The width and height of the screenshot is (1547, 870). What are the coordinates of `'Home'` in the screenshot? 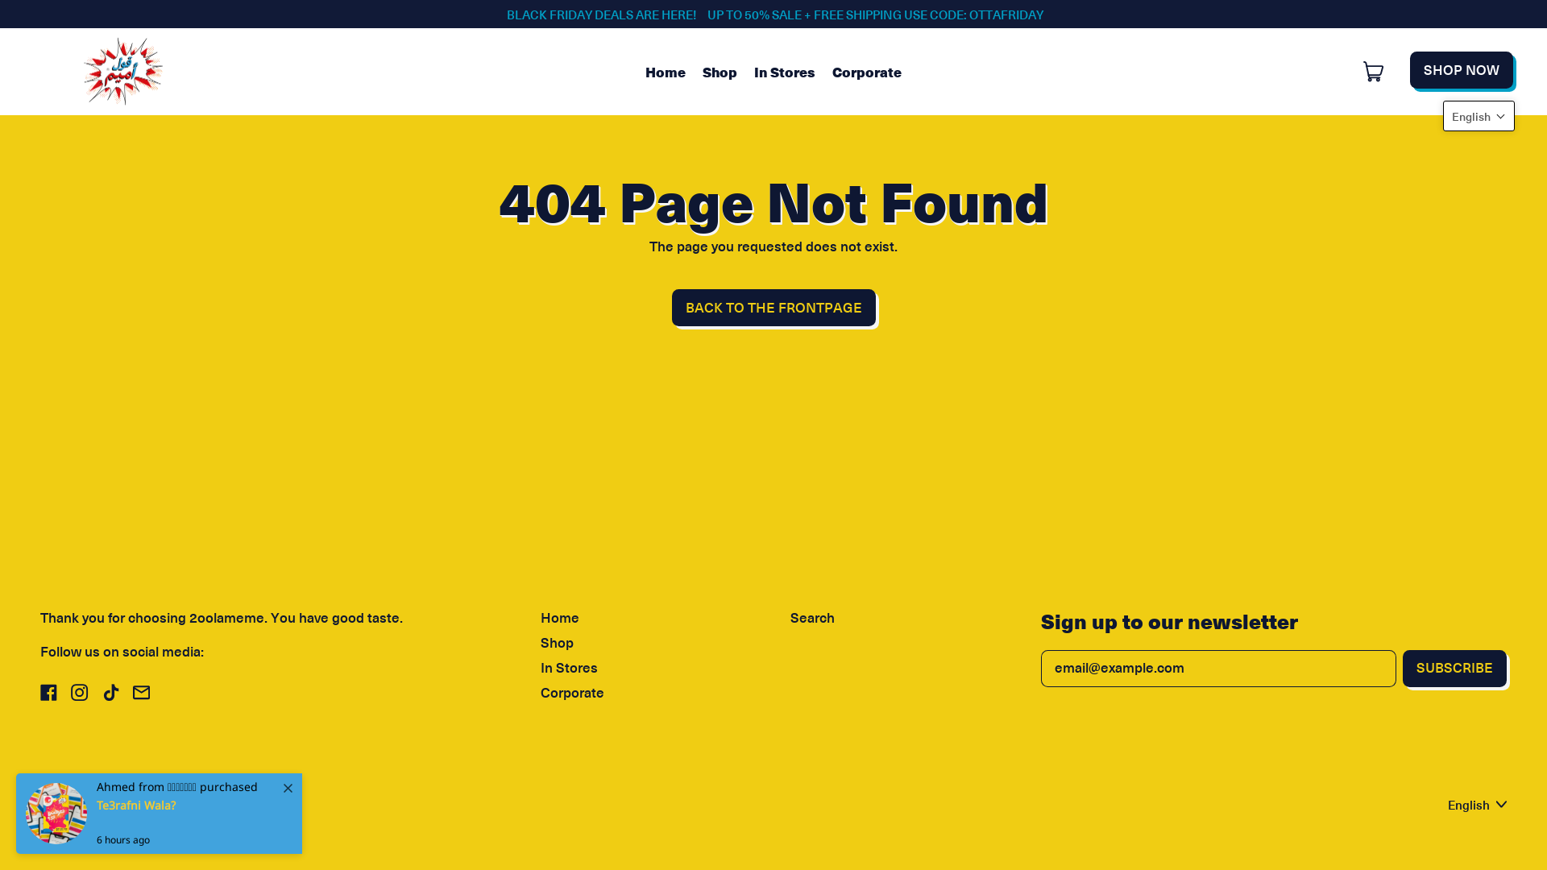 It's located at (560, 617).